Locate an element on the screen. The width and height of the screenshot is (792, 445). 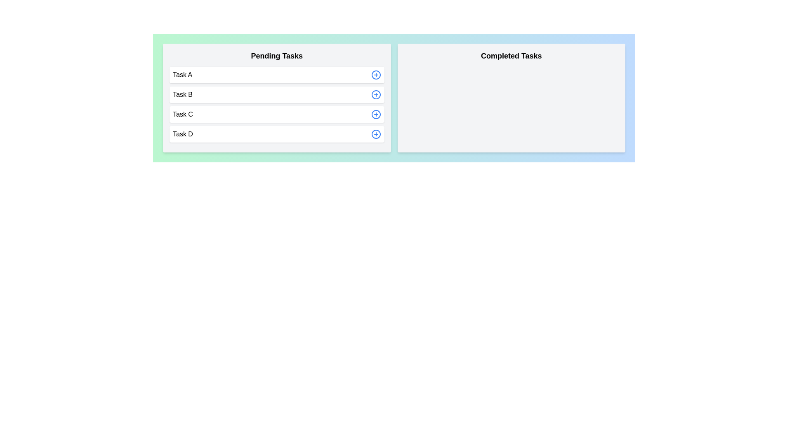
add button next to the task Task D in the 'Pending Tasks' section is located at coordinates (375, 134).